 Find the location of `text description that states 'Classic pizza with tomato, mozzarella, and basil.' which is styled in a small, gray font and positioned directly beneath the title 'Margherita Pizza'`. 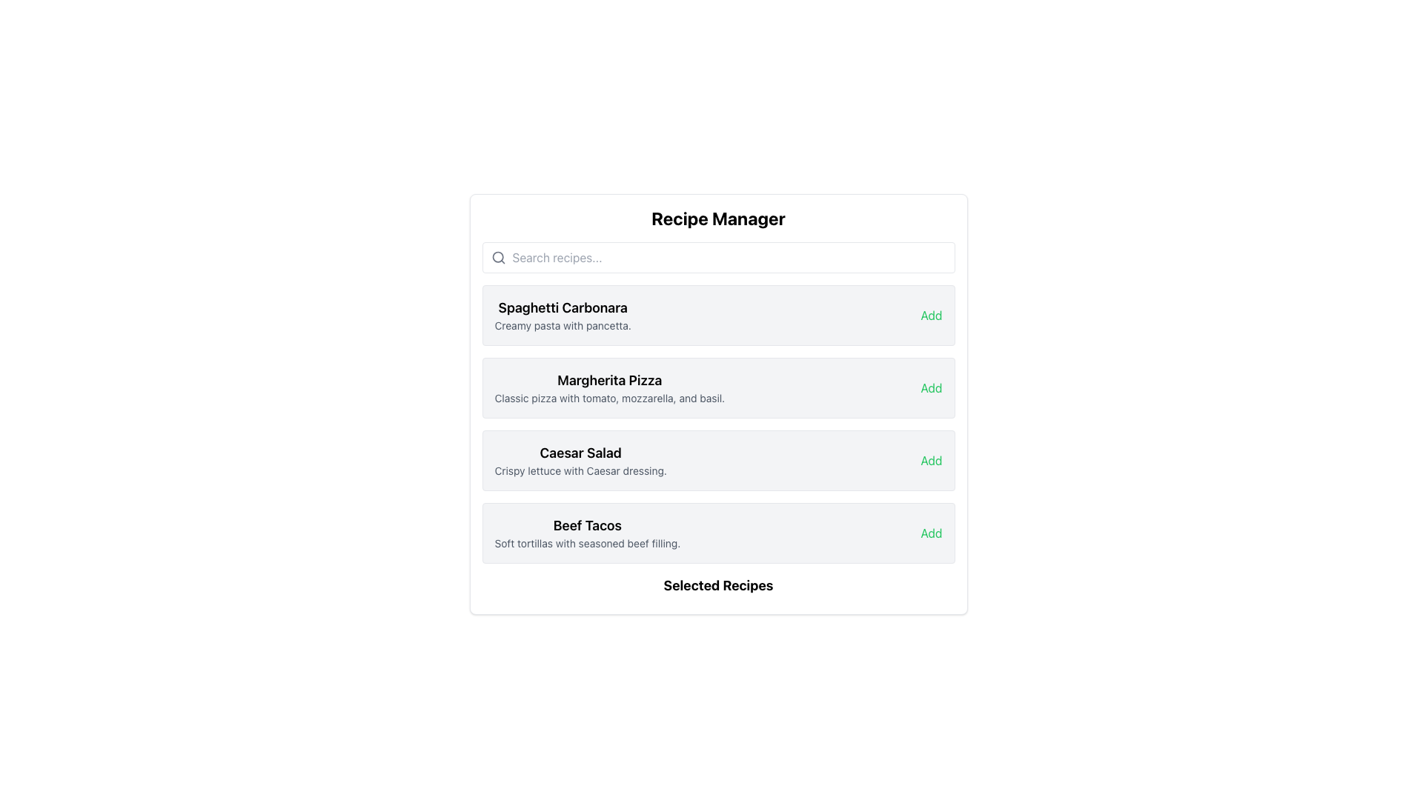

text description that states 'Classic pizza with tomato, mozzarella, and basil.' which is styled in a small, gray font and positioned directly beneath the title 'Margherita Pizza' is located at coordinates (609, 397).